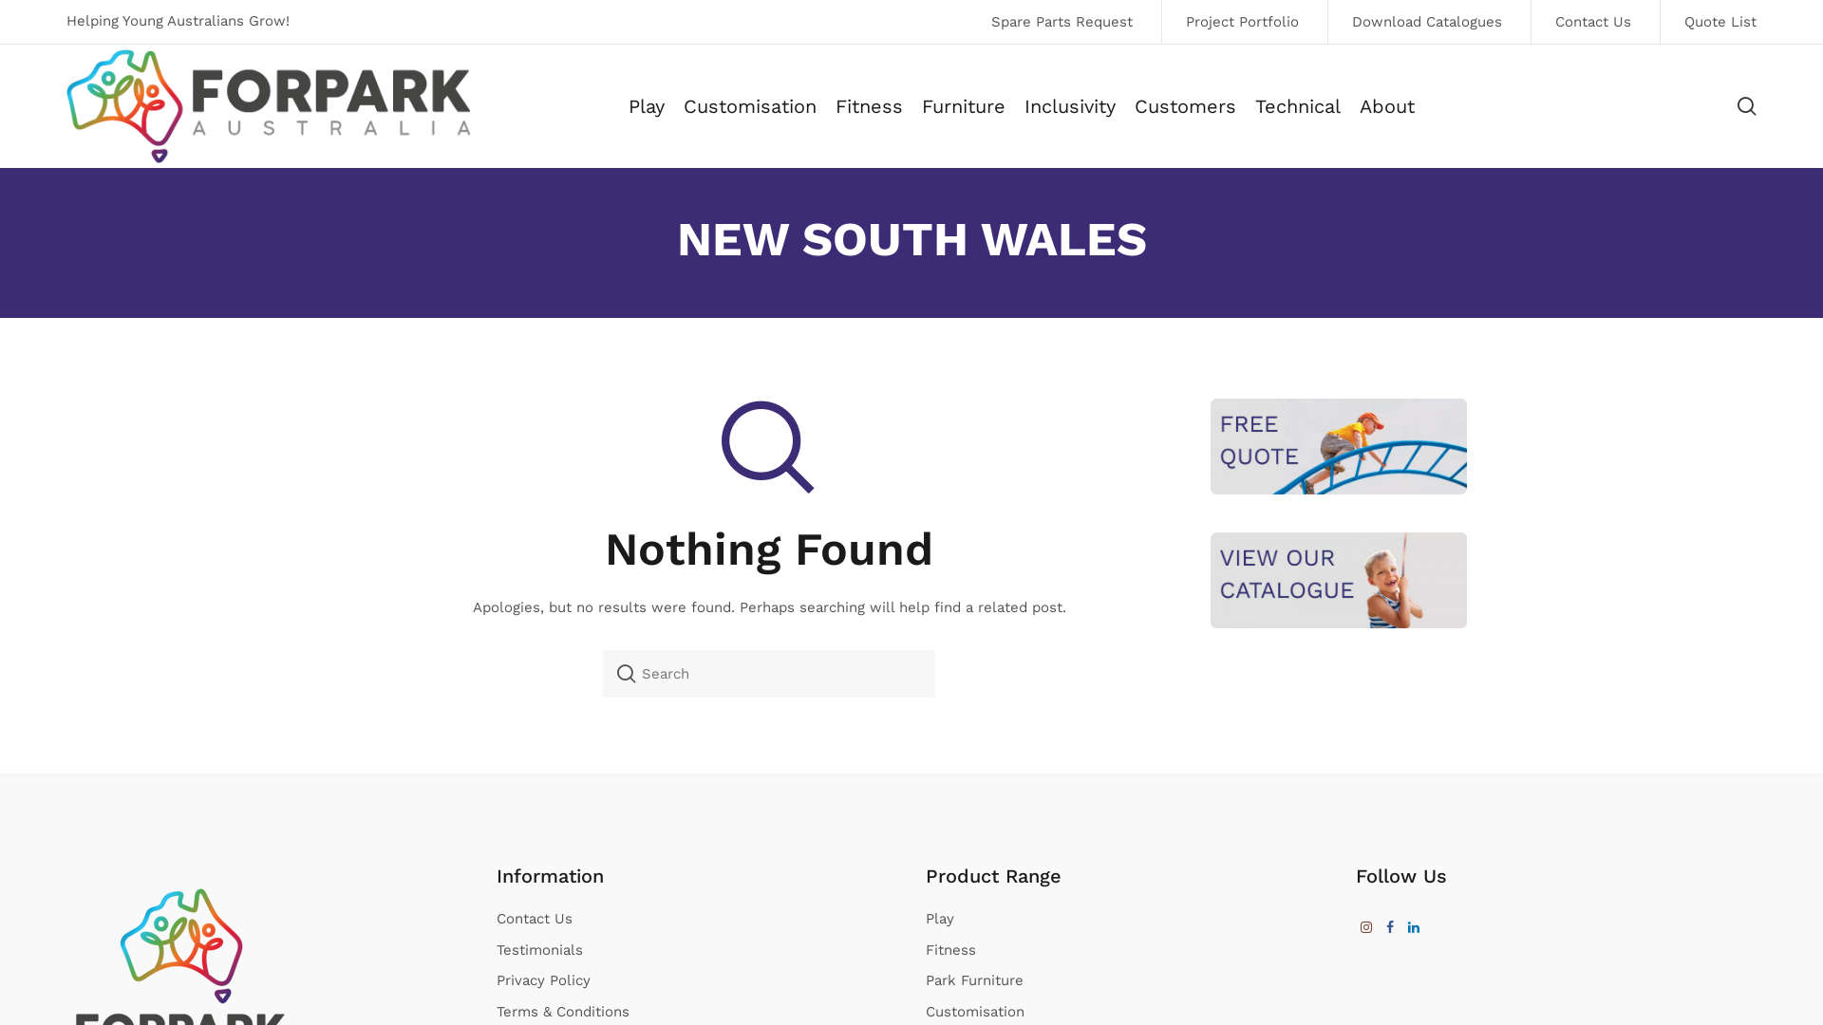 The height and width of the screenshot is (1025, 1823). What do you see at coordinates (537, 950) in the screenshot?
I see `'Testimonials'` at bounding box center [537, 950].